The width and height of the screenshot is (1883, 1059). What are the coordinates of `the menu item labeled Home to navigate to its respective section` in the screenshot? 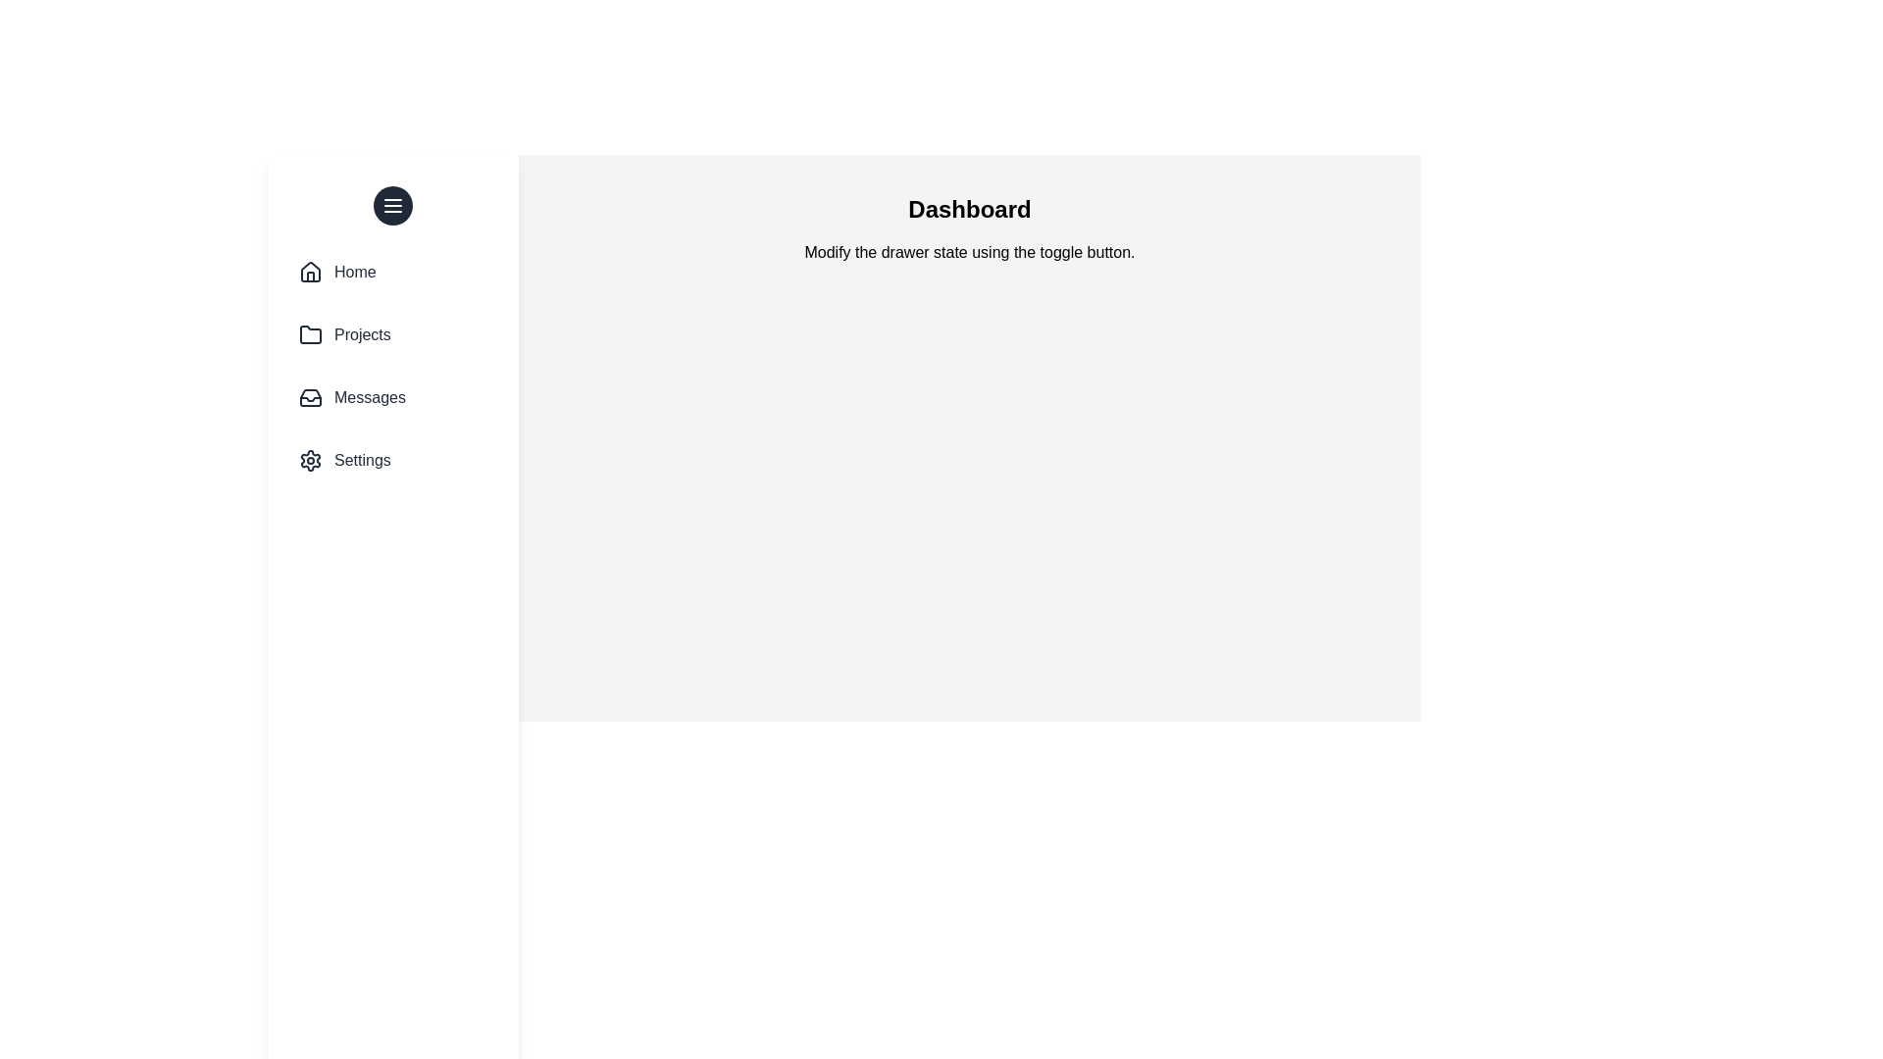 It's located at (392, 272).